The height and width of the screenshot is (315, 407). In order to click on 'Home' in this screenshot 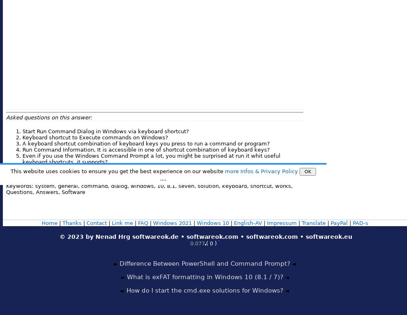, I will do `click(41, 222)`.